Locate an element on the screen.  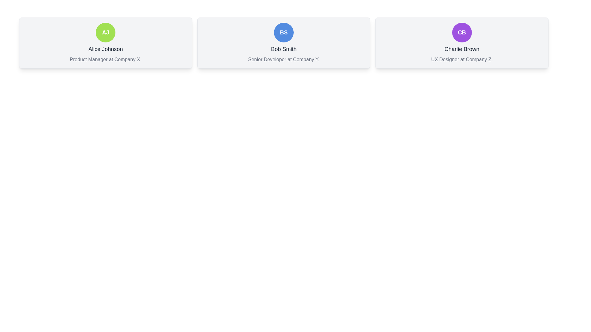
the Avatar or Profile Icon representing the individual 'Bob Smith', which is positioned above the text 'Senior Developer at Company Y.' is located at coordinates (283, 32).